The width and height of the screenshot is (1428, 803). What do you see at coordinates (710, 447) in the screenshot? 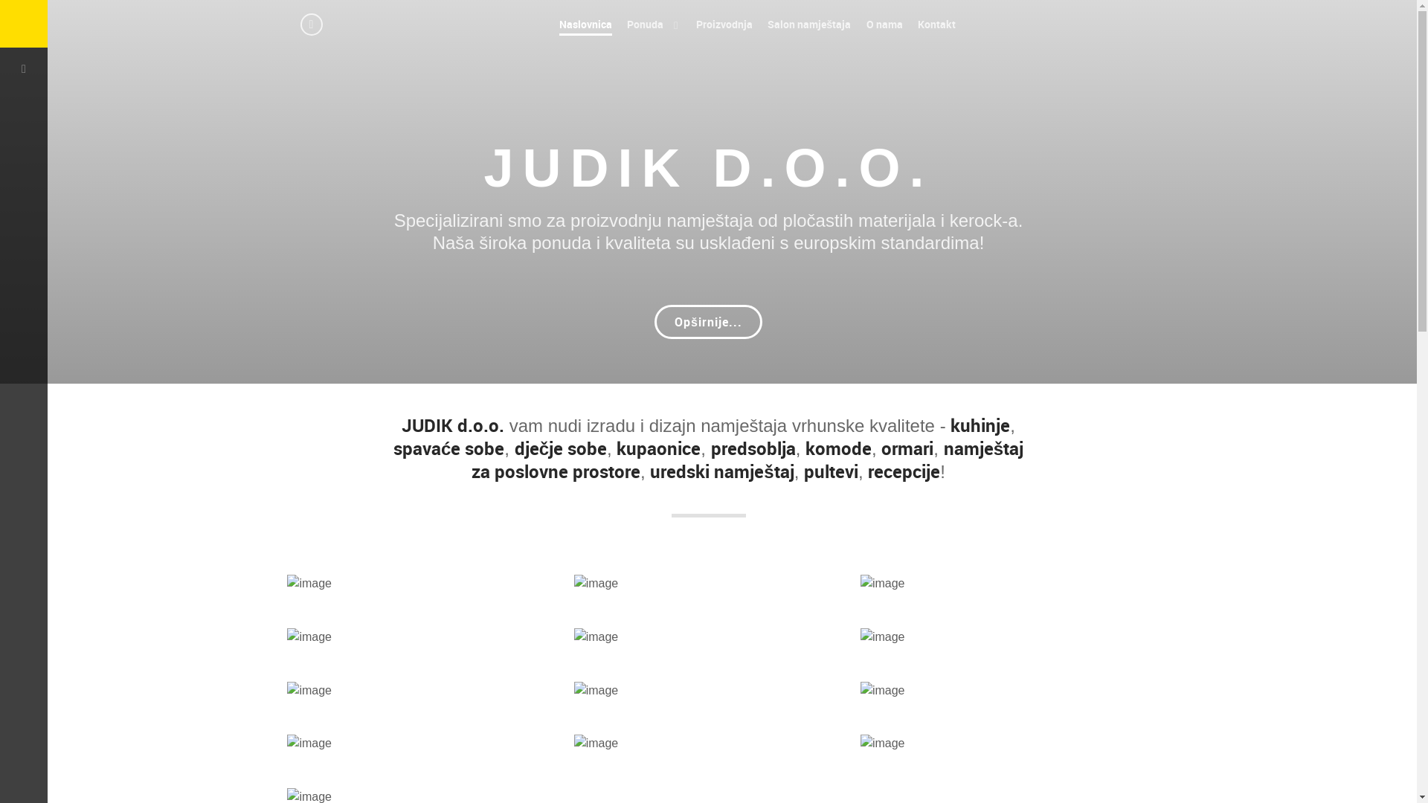
I see `'predsoblja'` at bounding box center [710, 447].